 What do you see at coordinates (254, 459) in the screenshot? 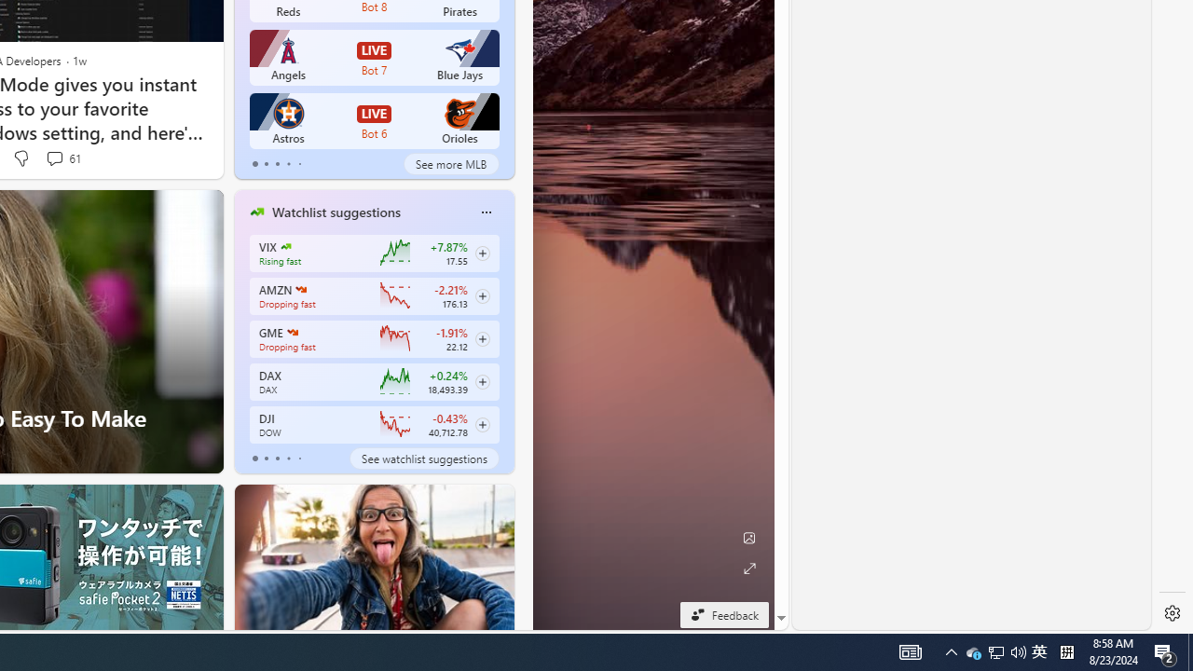
I see `'tab-0'` at bounding box center [254, 459].